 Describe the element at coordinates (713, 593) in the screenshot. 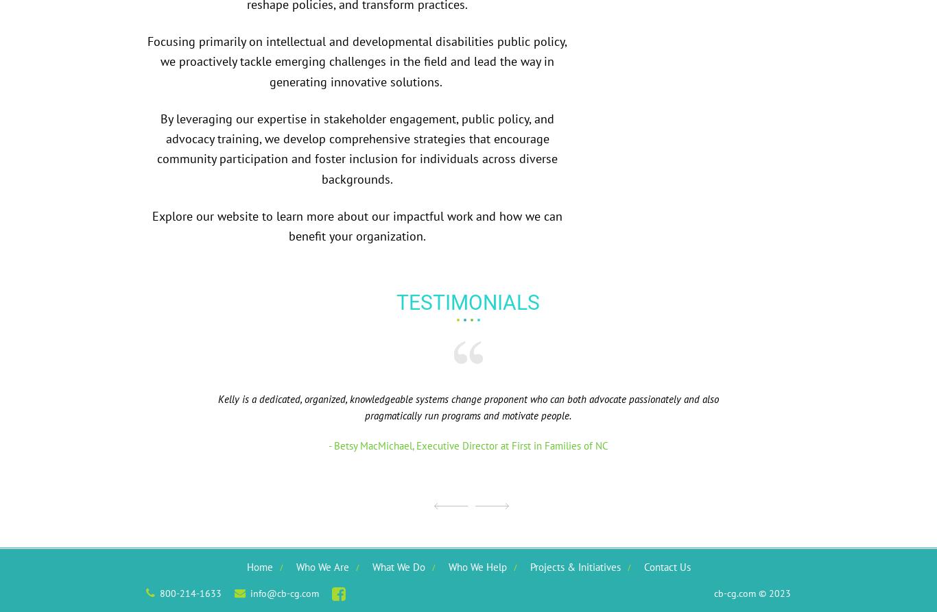

I see `'cb-cg.com © 2023'` at that location.